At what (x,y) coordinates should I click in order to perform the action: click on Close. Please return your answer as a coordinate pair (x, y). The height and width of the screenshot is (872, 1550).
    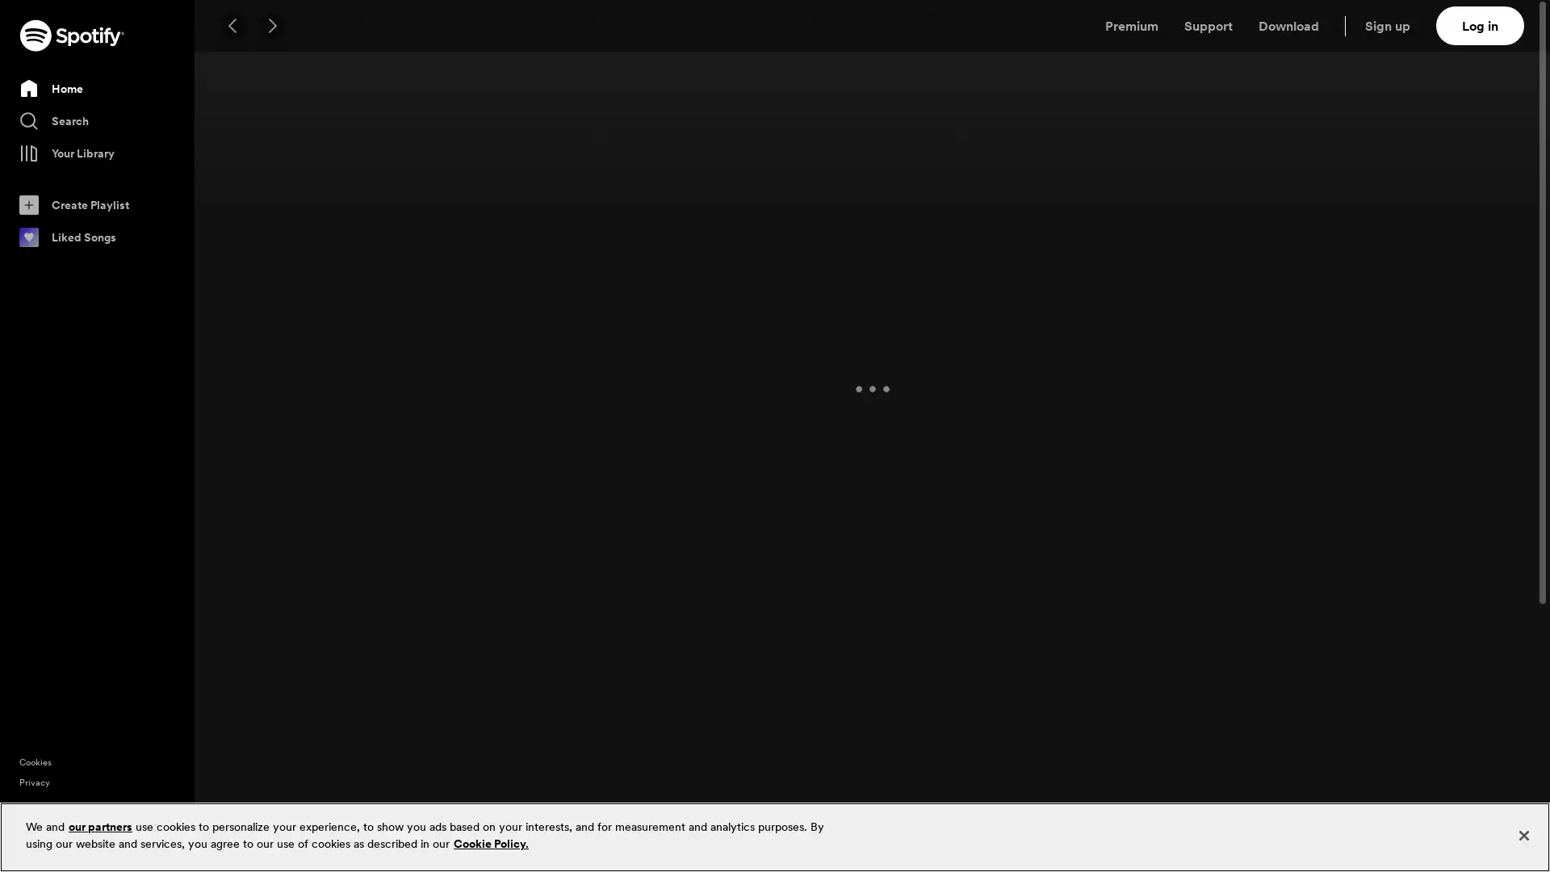
    Looking at the image, I should click on (1523, 835).